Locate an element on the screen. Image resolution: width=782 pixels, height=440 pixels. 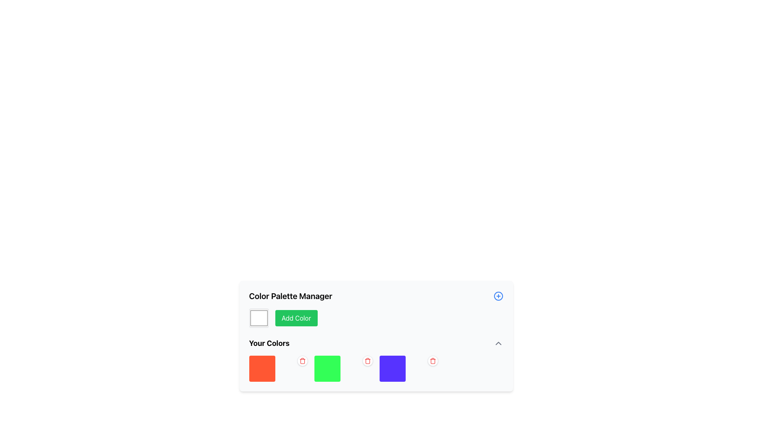
the text label displaying 'Your Colors', which is bold and large, located above the row of color swatches and to the left half of the interface is located at coordinates (269, 343).